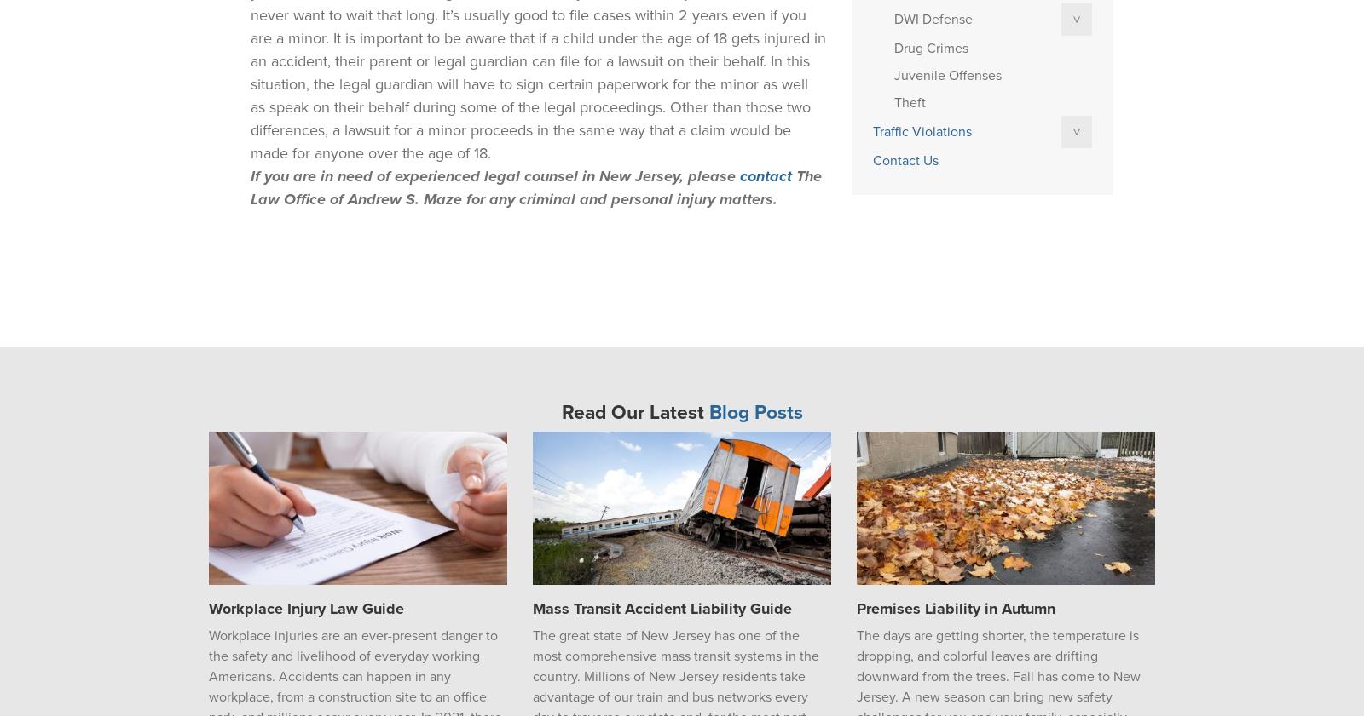  What do you see at coordinates (535, 186) in the screenshot?
I see `'The Law Office of Andrew S. Maze for any criminal and personal injury matters.'` at bounding box center [535, 186].